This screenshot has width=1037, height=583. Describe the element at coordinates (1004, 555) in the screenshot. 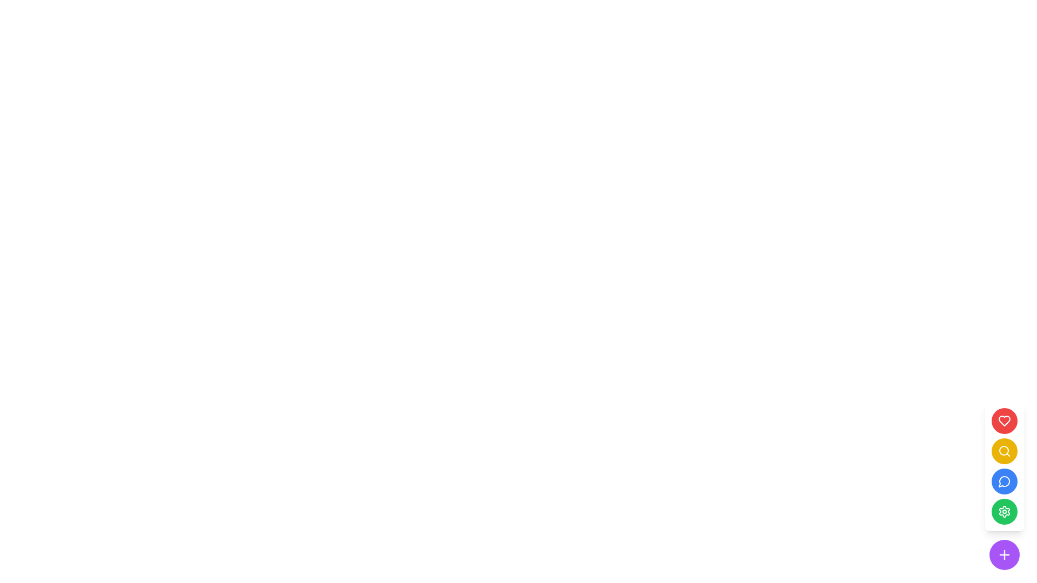

I see `the toggle menu button located at the bottom-right corner of the interface` at that location.